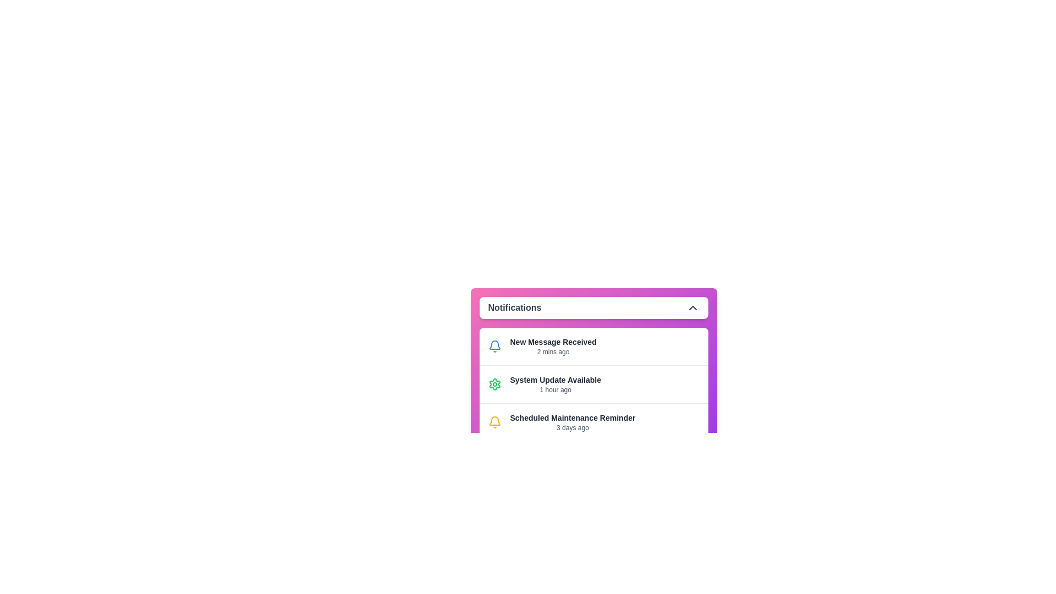 The image size is (1056, 594). I want to click on the static text label indicating the content or functionality related to notifications, located on the left side of the header bar, so click(514, 307).